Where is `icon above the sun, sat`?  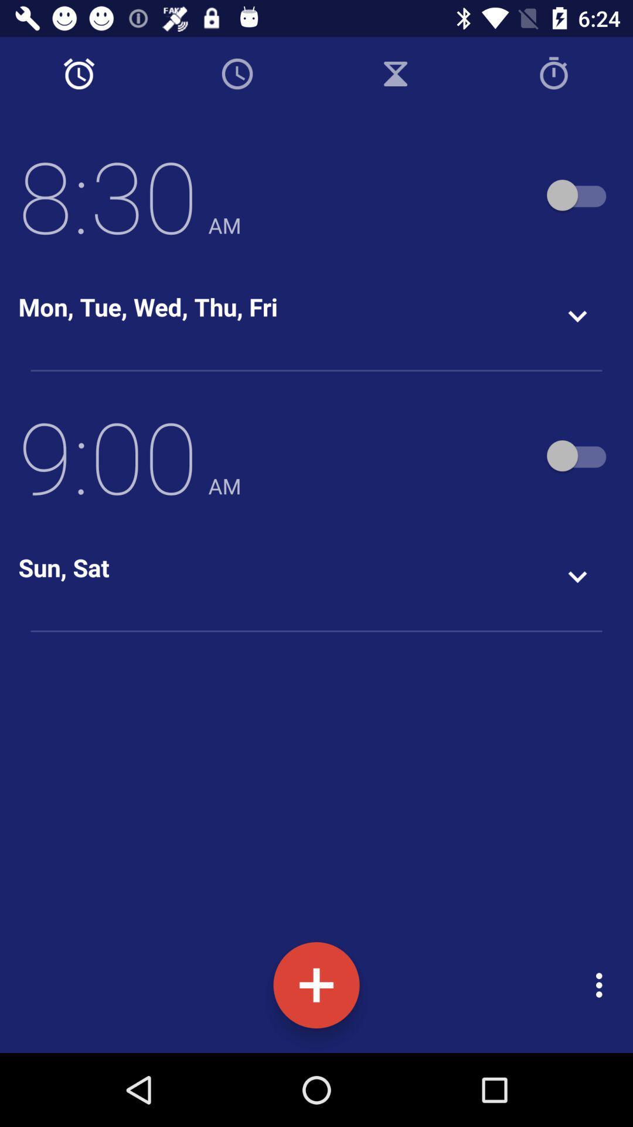
icon above the sun, sat is located at coordinates (130, 455).